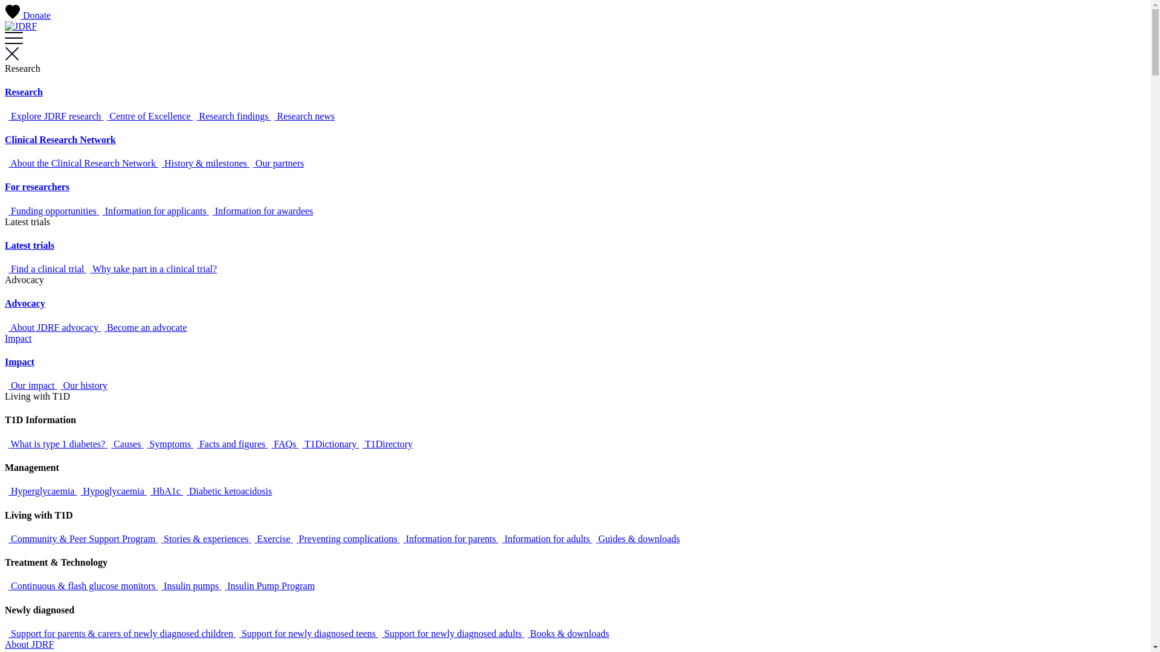  What do you see at coordinates (45, 268) in the screenshot?
I see `'Find a clinical trial'` at bounding box center [45, 268].